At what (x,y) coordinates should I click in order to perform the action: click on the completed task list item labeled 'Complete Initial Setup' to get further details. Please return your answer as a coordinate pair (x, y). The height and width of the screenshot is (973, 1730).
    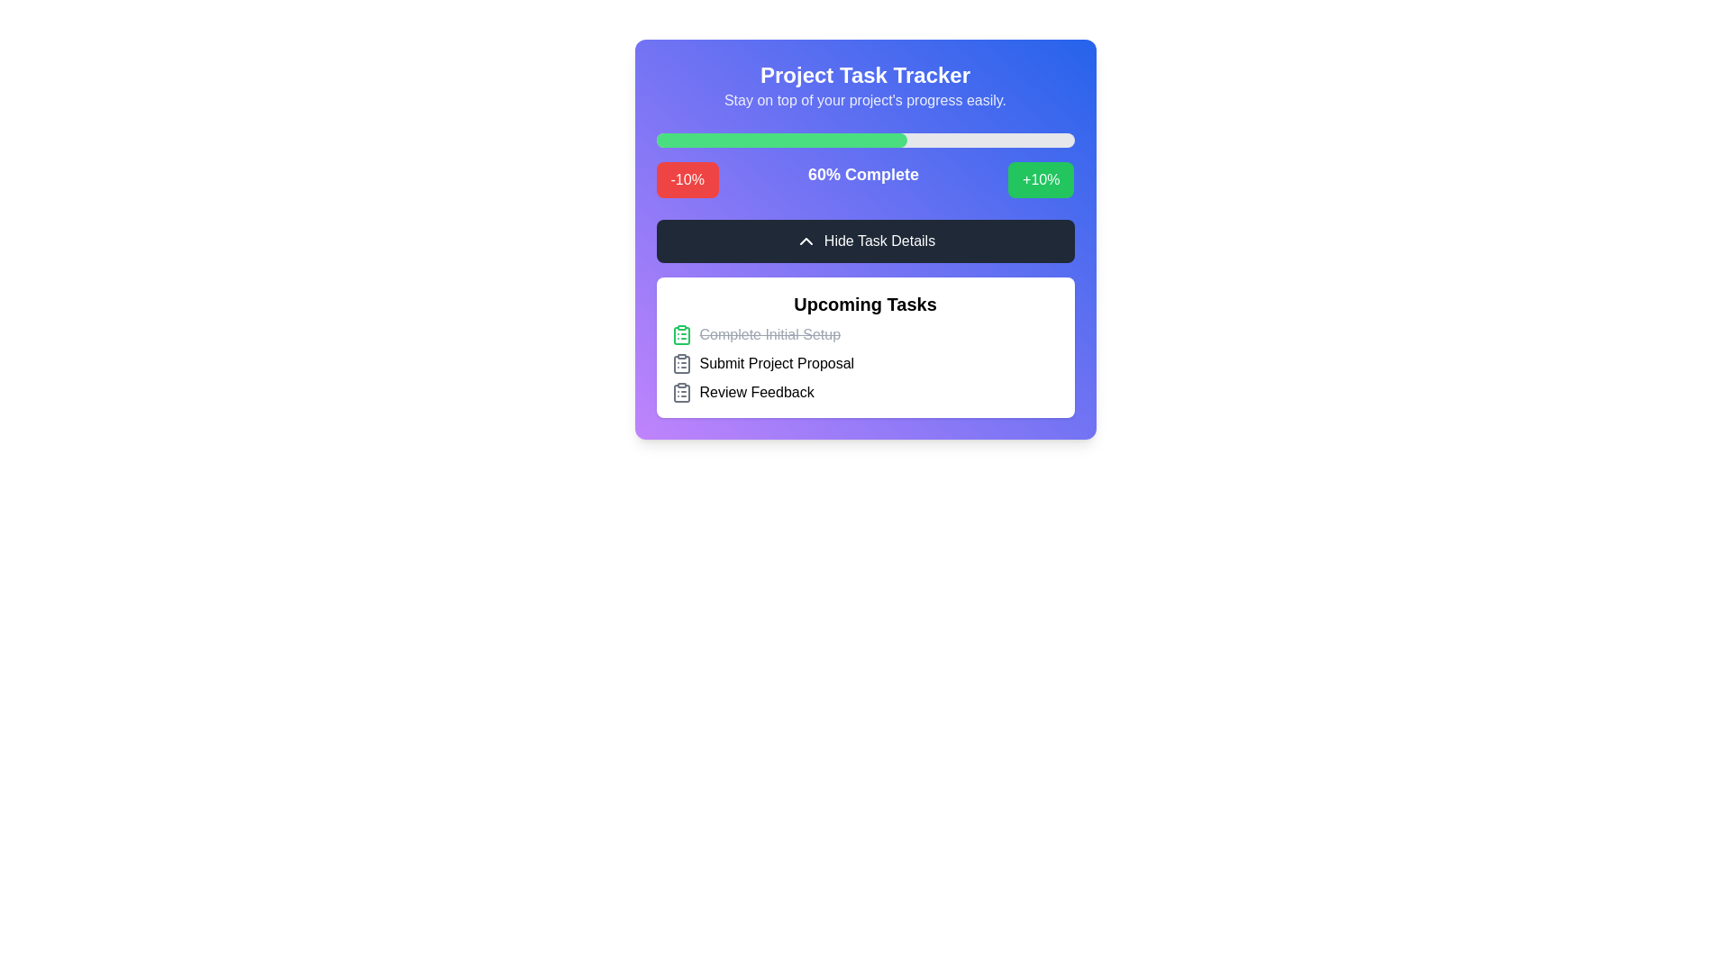
    Looking at the image, I should click on (865, 334).